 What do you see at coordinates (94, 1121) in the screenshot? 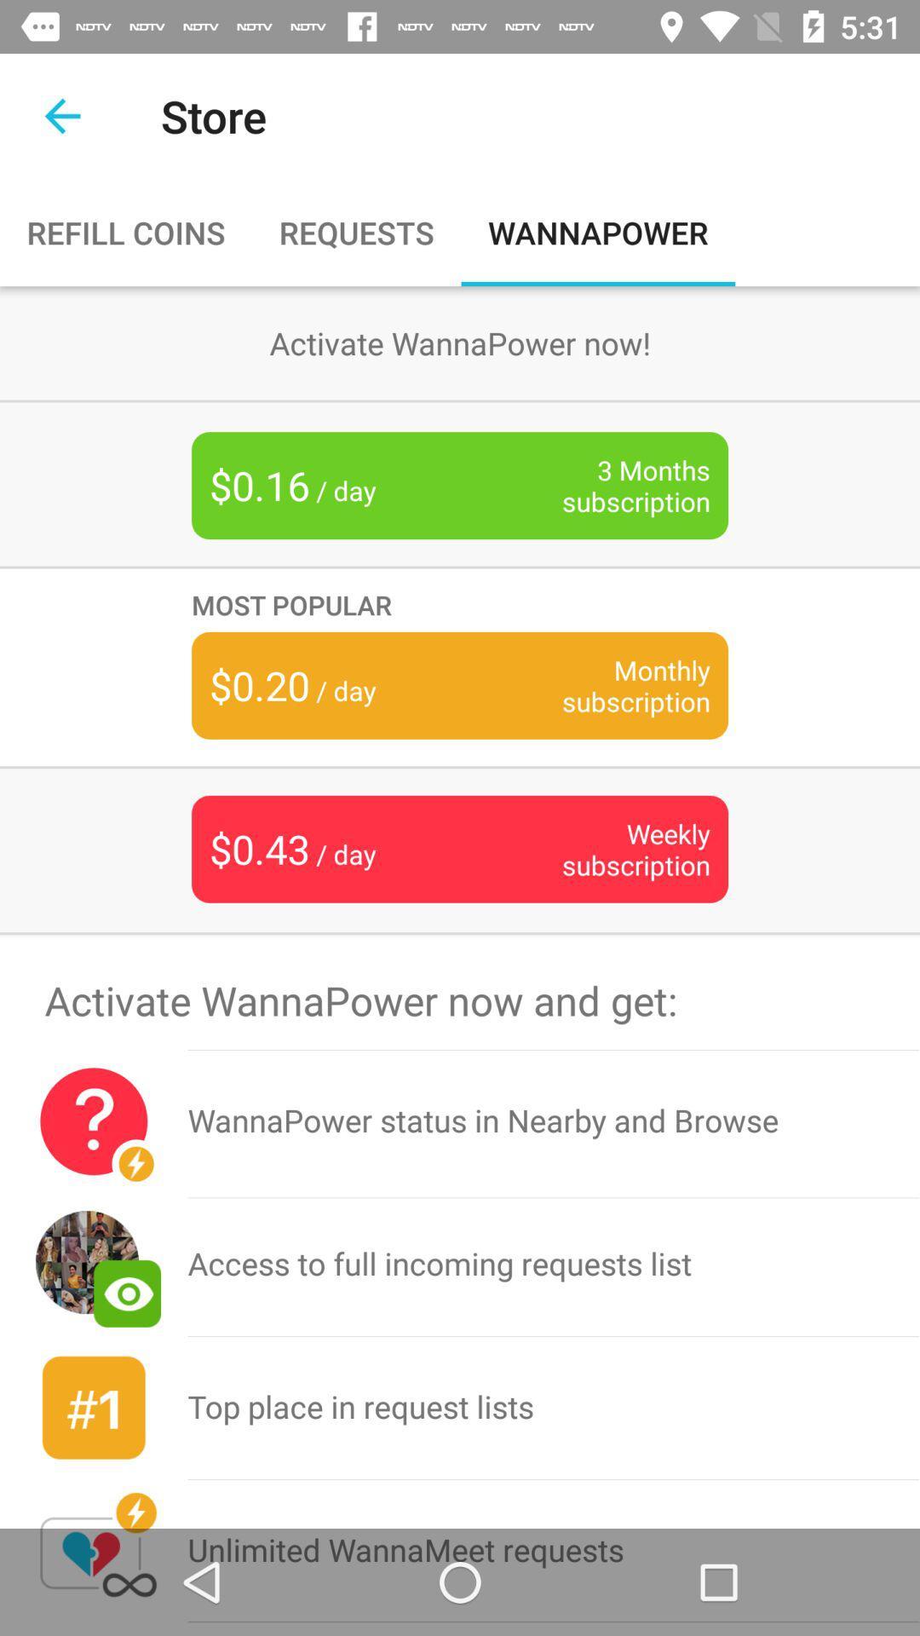
I see `icon to the left of the wannapower status in item` at bounding box center [94, 1121].